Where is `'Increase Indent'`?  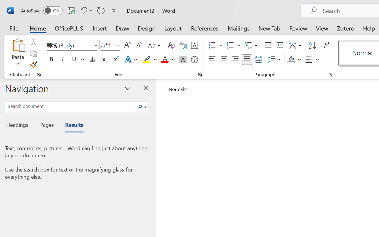
'Increase Indent' is located at coordinates (279, 45).